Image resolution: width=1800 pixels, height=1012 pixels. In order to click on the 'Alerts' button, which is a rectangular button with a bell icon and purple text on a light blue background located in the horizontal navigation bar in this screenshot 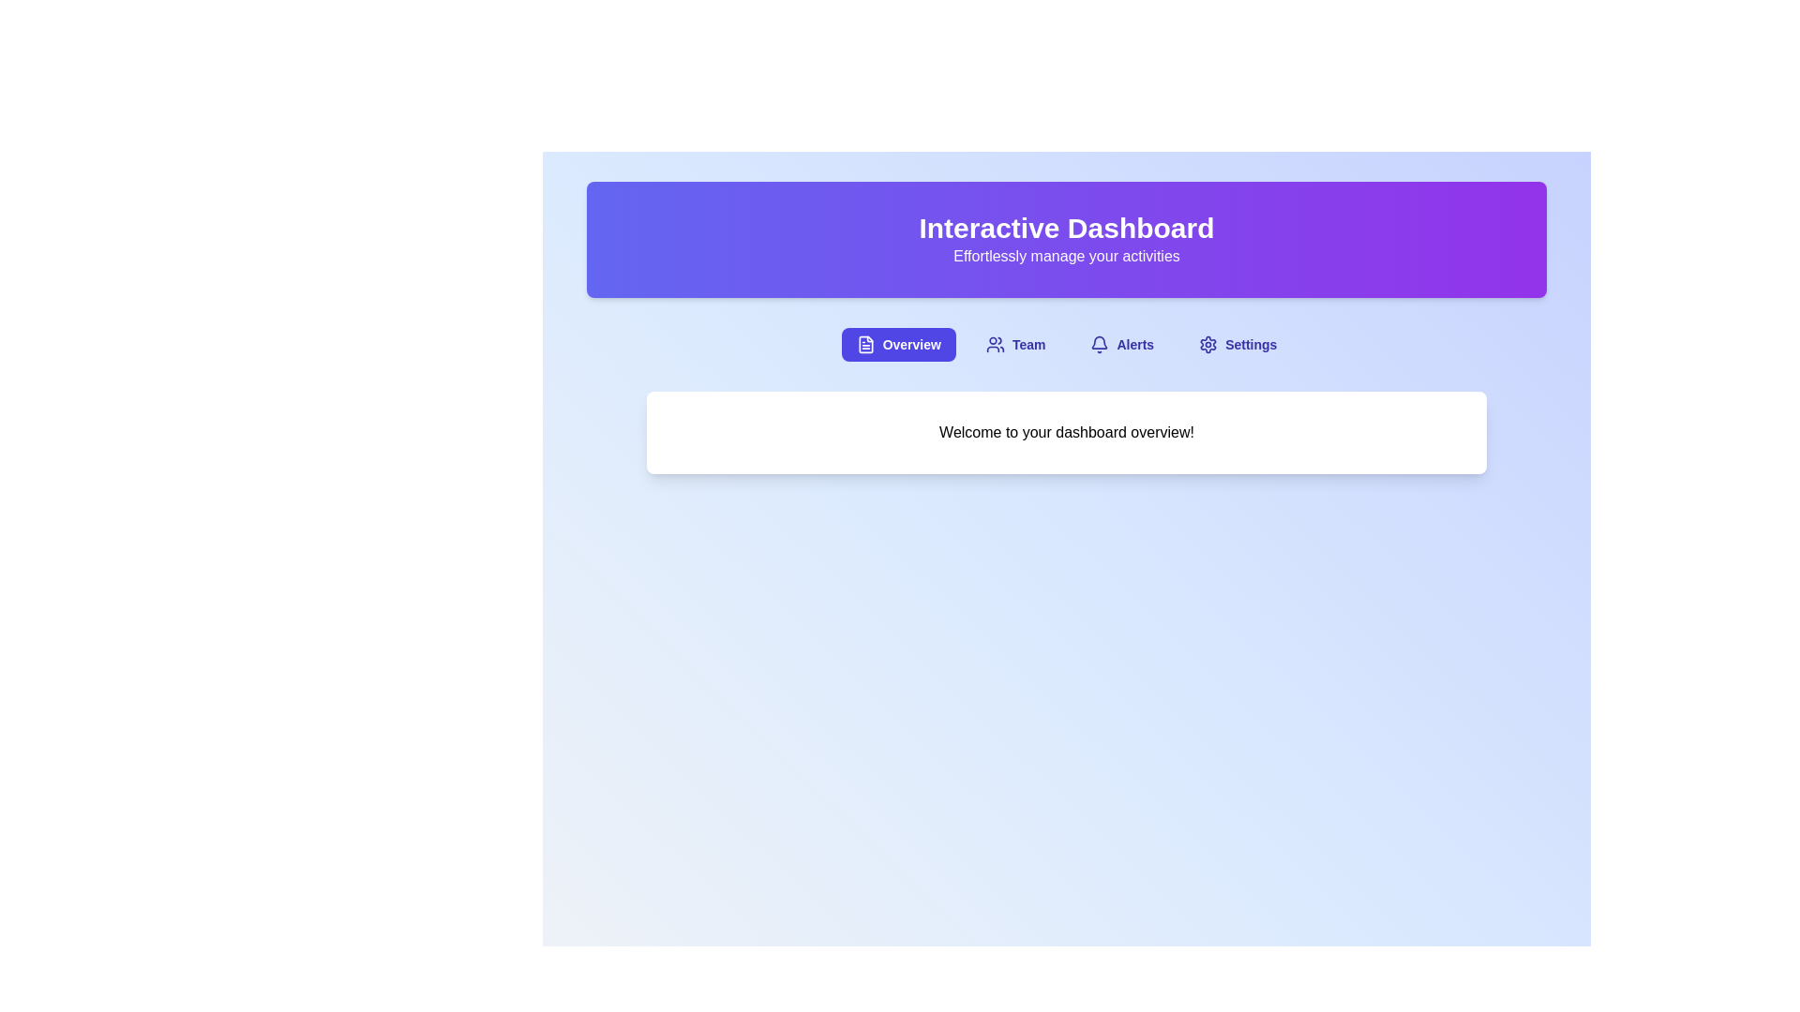, I will do `click(1122, 344)`.